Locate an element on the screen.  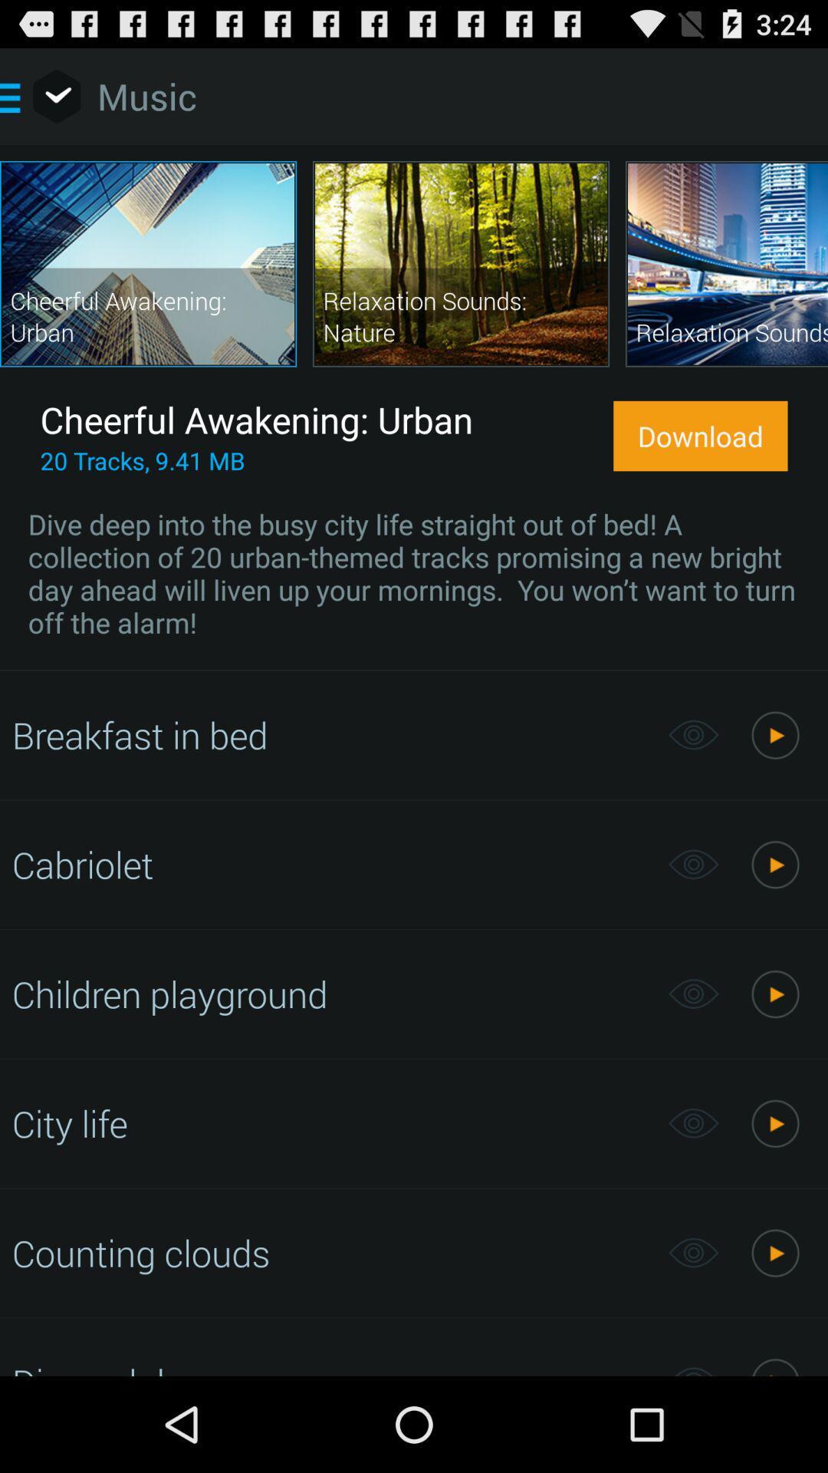
icon below the 20 tracks 9 is located at coordinates (414, 572).